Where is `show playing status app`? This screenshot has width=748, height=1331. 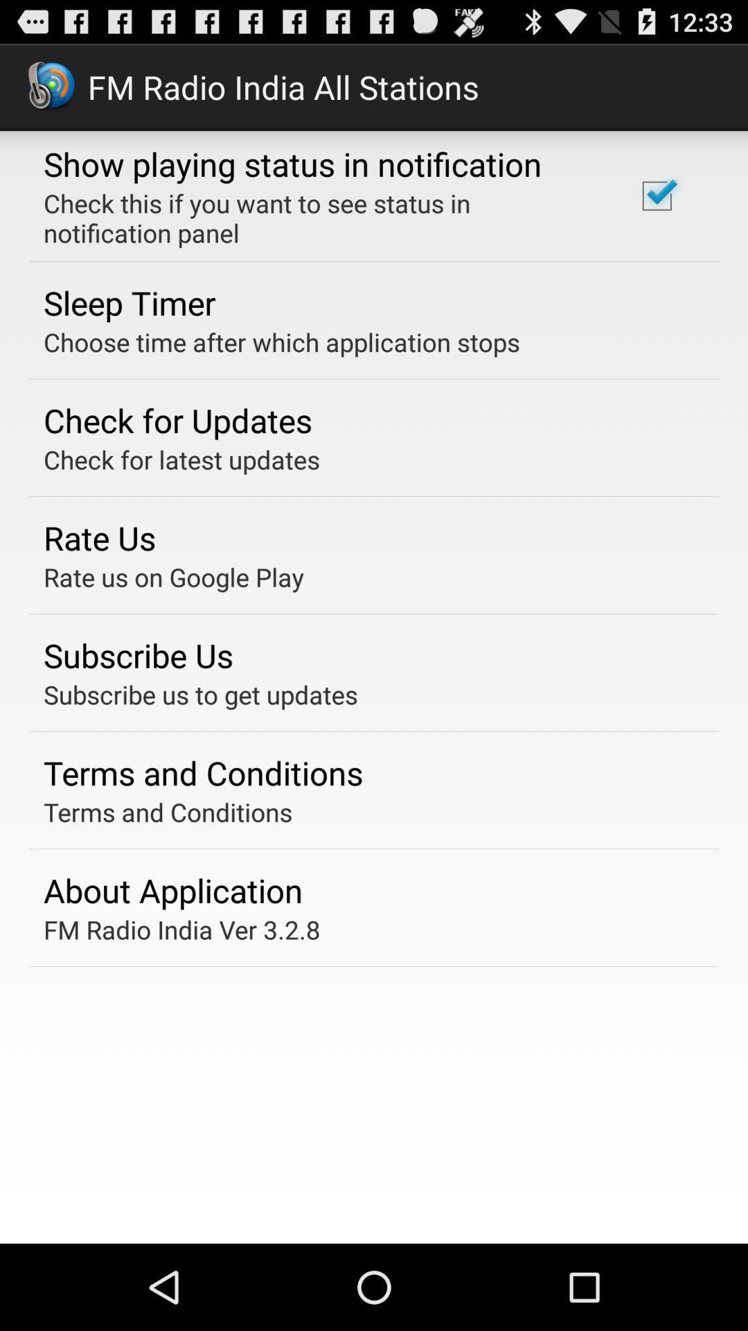 show playing status app is located at coordinates (292, 164).